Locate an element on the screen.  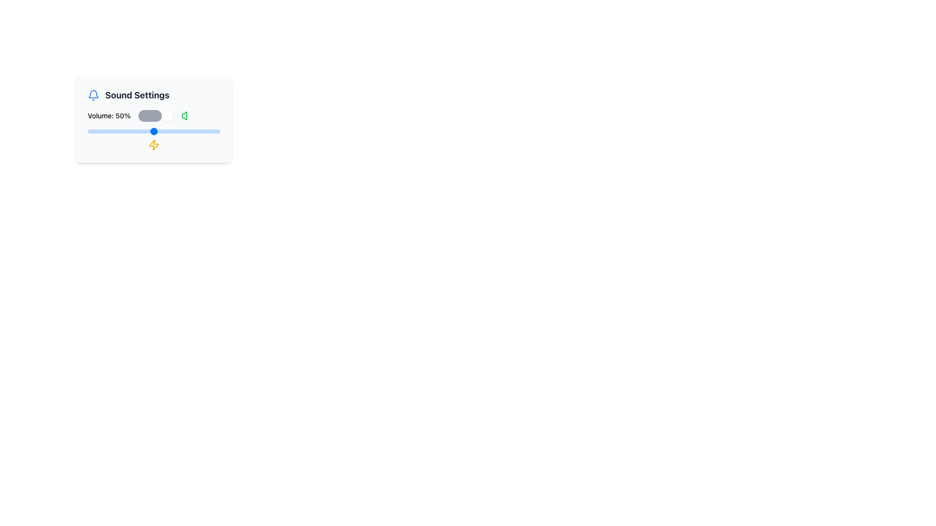
the lightning bolt icon, which is a small yellow icon with a 3D effect located beneath the blue slider bar is located at coordinates (154, 145).